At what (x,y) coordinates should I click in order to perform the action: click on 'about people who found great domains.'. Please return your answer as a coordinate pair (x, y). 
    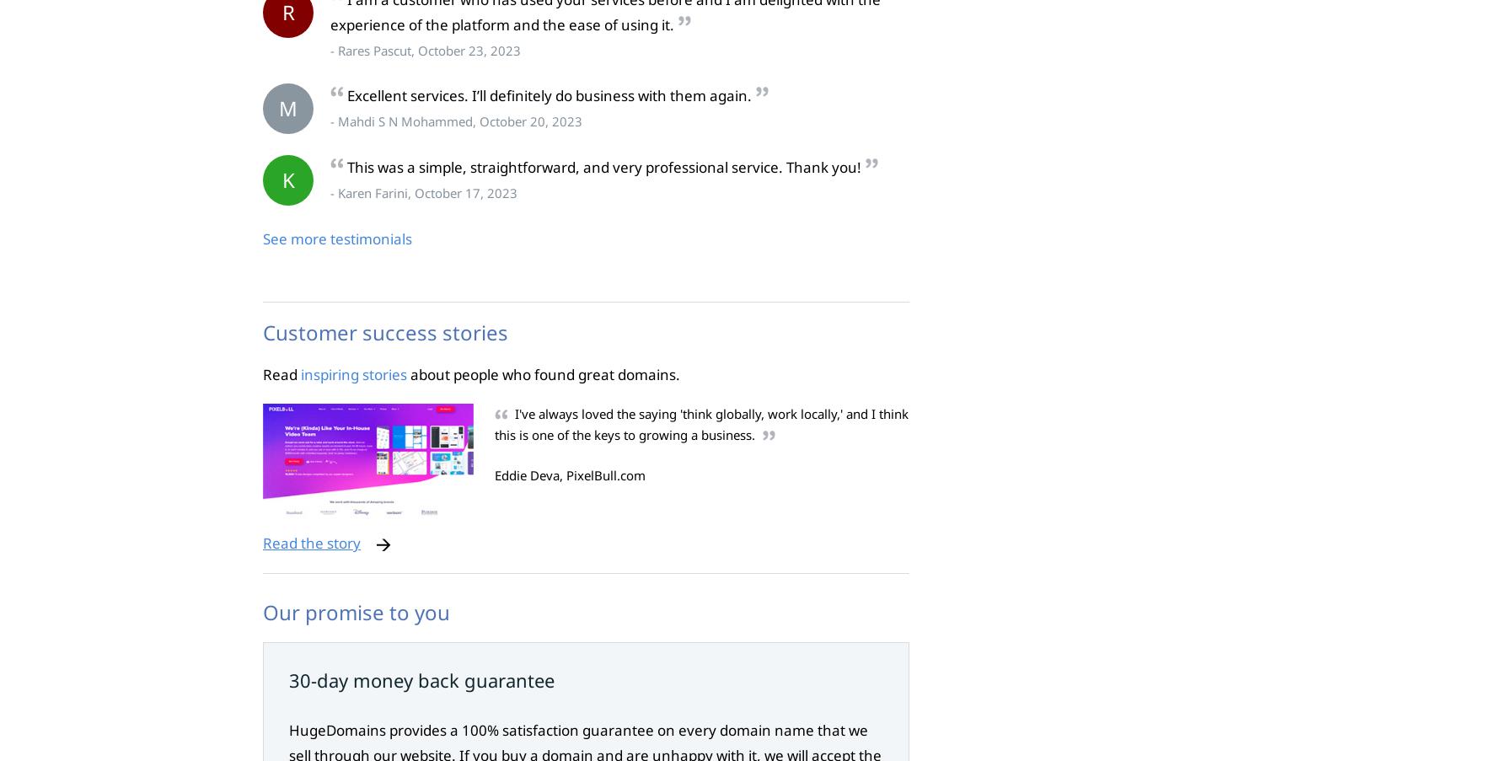
    Looking at the image, I should click on (543, 372).